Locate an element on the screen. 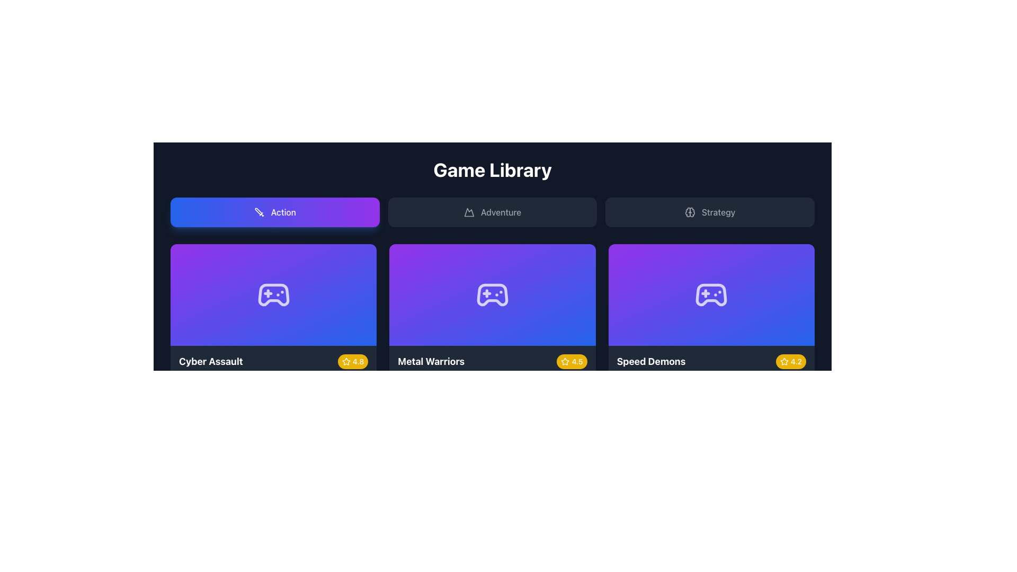  the triangular SVG graphic element inside the sword icon located in the 'Action' navigation tab is located at coordinates (258, 211).